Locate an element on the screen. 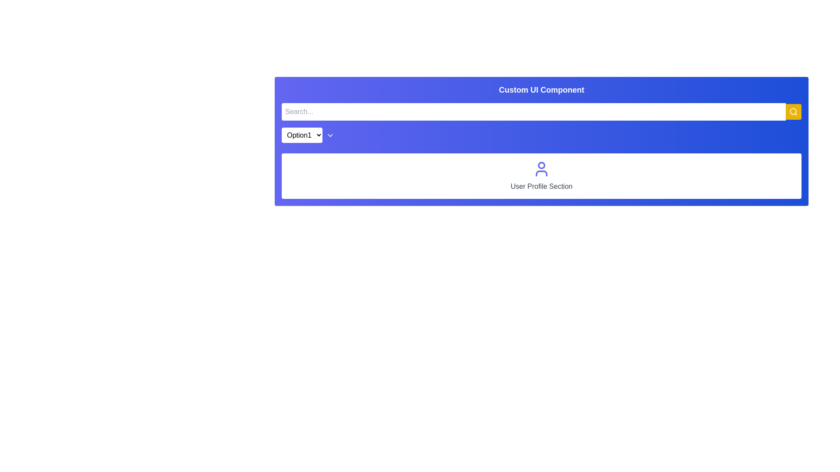 This screenshot has height=472, width=840. the search icon, which is a white magnifying glass on a yellow circular background located at the top-right corner of the search input field, to initiate the search is located at coordinates (794, 111).